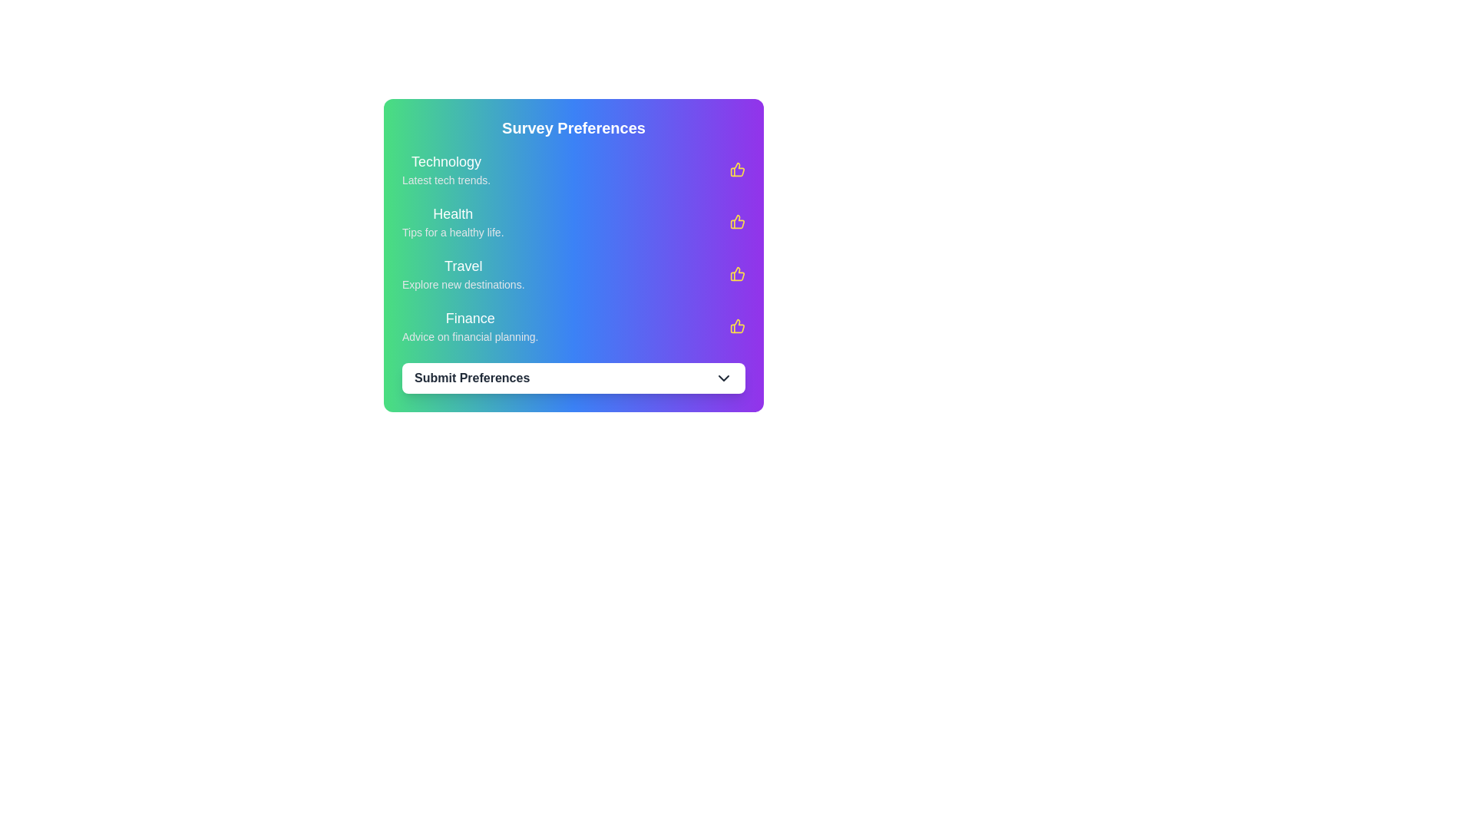 This screenshot has width=1474, height=829. Describe the element at coordinates (452, 233) in the screenshot. I see `the static text label displaying 'Tips for a healthy life.' located below the 'Health' title in the 'Survey Preferences' panel` at that location.